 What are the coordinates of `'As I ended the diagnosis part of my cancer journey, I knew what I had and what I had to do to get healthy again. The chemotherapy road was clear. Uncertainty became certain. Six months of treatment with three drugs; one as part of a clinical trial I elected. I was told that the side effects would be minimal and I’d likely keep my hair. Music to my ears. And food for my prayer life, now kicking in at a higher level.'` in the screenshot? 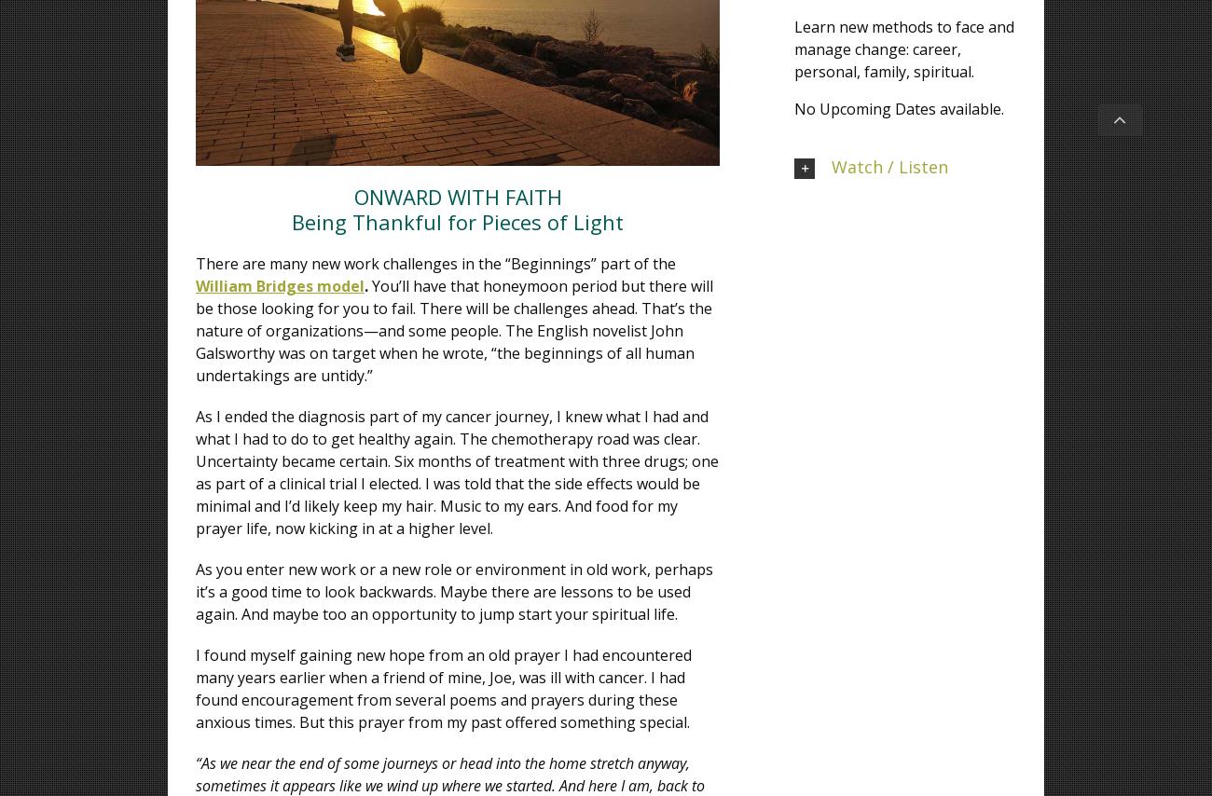 It's located at (457, 472).